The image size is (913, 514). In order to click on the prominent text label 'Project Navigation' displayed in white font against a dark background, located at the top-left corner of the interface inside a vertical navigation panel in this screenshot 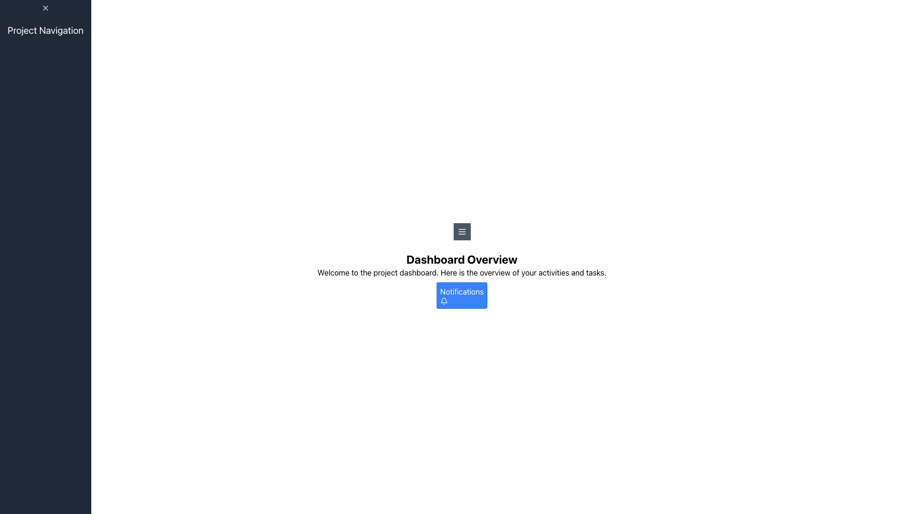, I will do `click(45, 30)`.